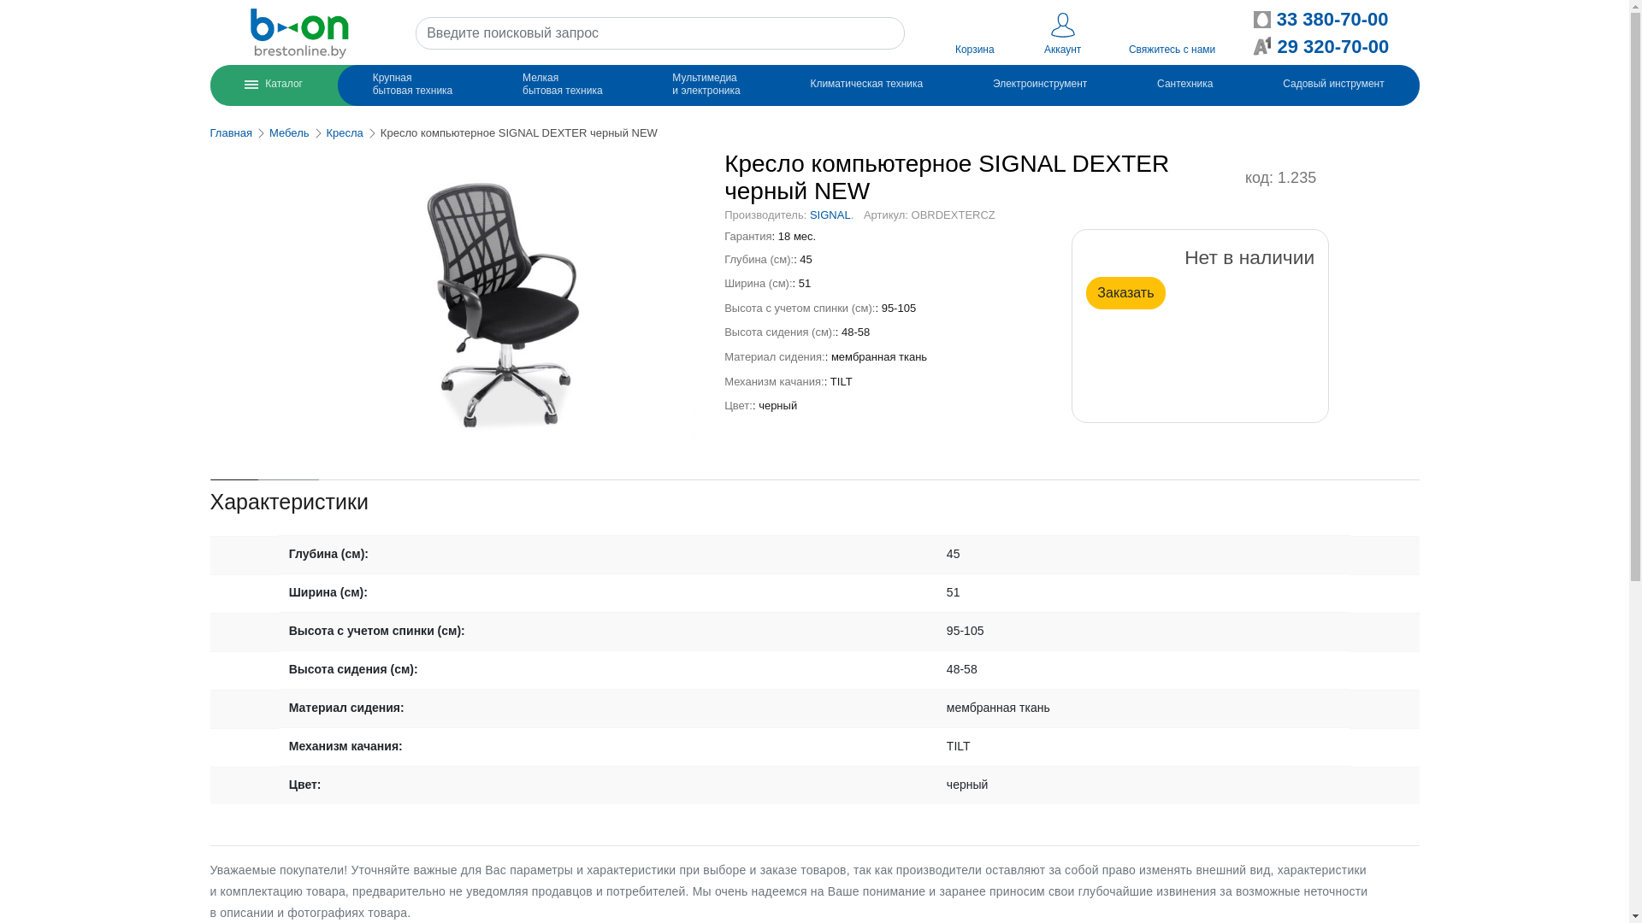  Describe the element at coordinates (808, 214) in the screenshot. I see `'SIGNAL'` at that location.